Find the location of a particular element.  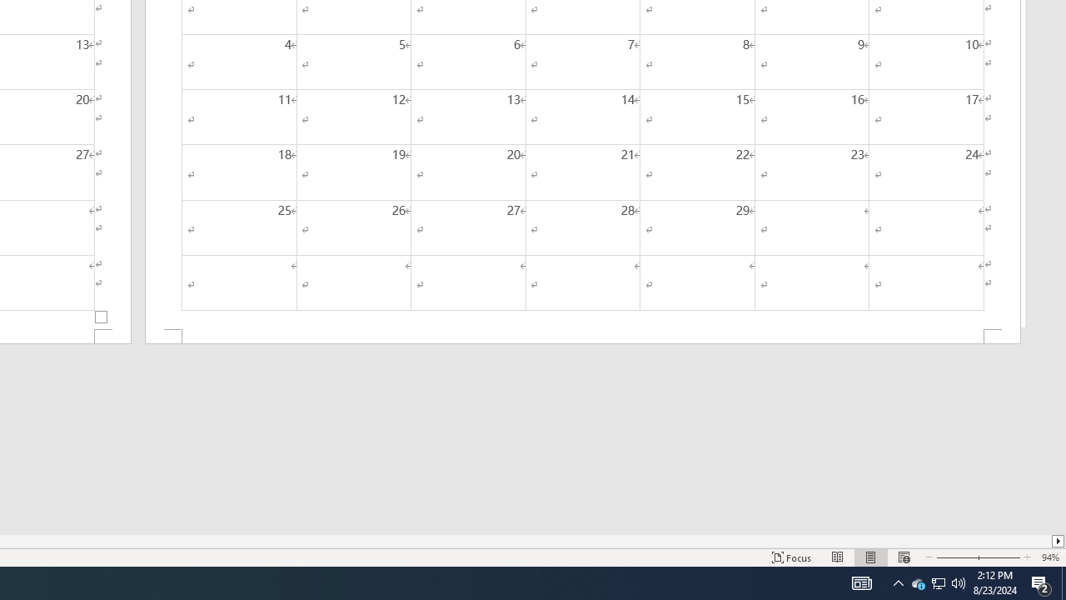

'Column right' is located at coordinates (1058, 541).